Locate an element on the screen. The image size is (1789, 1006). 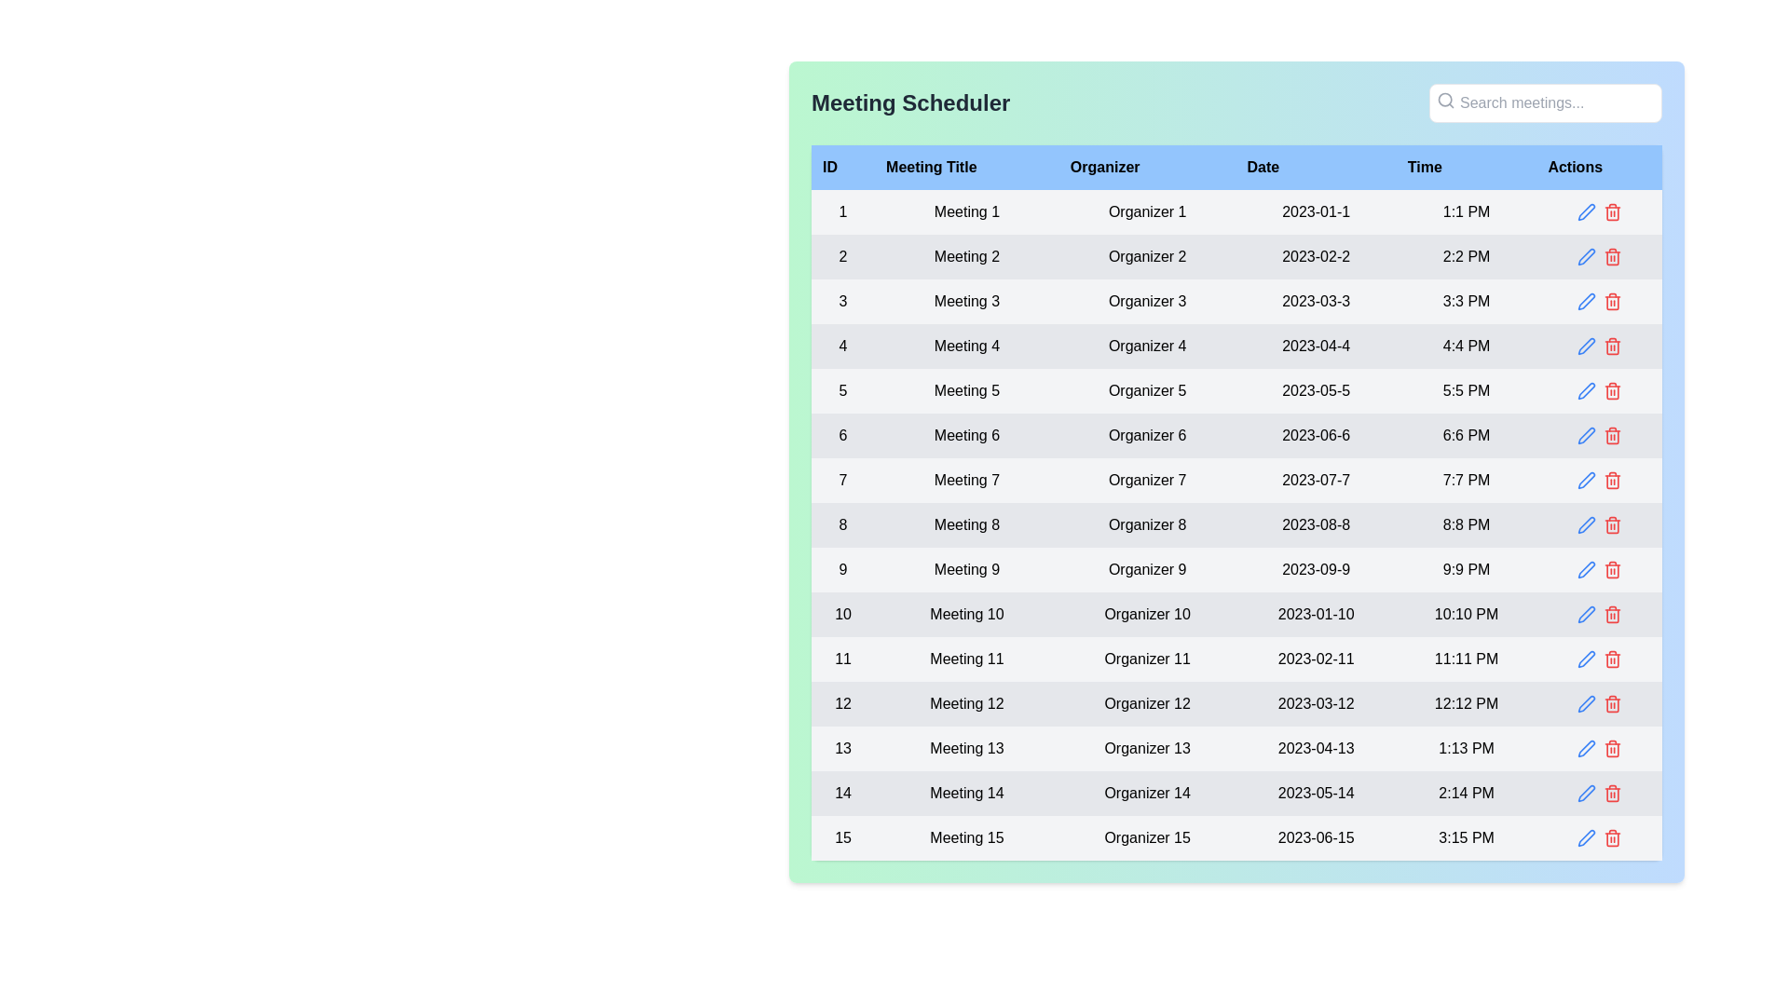
the Edit icon button located in the third row of the table within the Actions column is located at coordinates (1585, 301).